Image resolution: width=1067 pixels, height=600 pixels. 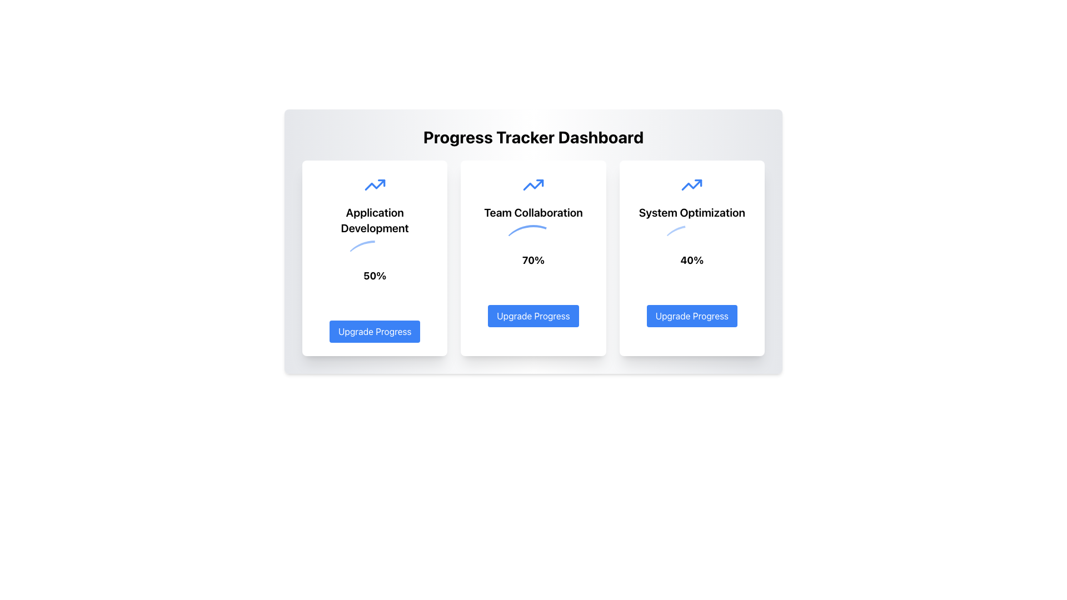 I want to click on the bold text label displaying '50%' in a large, dark font, positioned centrally within a circular progress indicator on the first card from the left, so click(x=375, y=276).